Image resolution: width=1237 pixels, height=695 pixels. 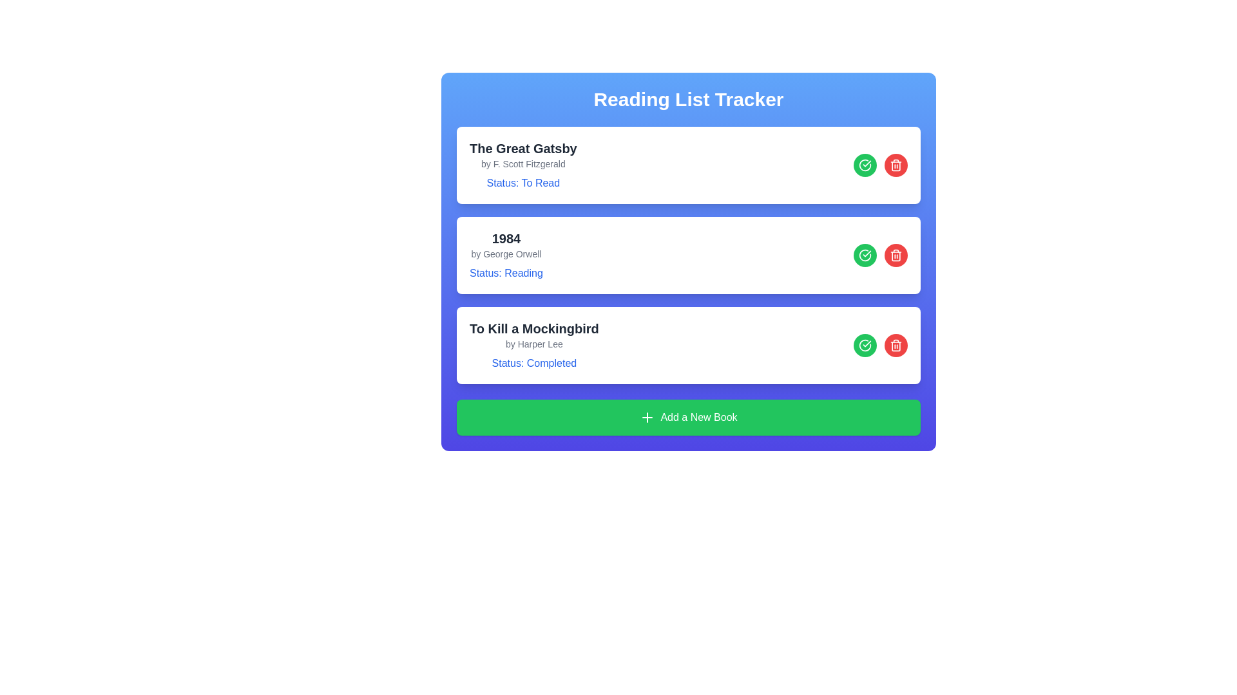 What do you see at coordinates (505, 238) in the screenshot?
I see `the text label representing the title of the second book entry in the reading list, which is located above the subtitle 'by George Orwell'` at bounding box center [505, 238].